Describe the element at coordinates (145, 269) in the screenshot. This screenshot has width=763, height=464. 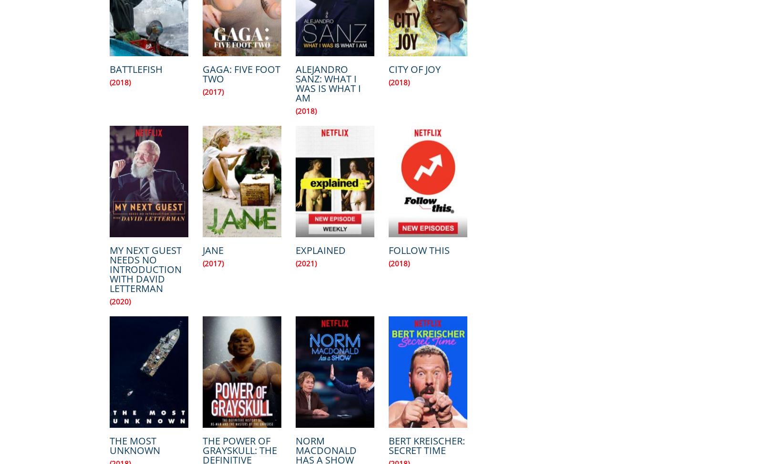
I see `'My Next Guest Needs No Introduction With David Letterman'` at that location.